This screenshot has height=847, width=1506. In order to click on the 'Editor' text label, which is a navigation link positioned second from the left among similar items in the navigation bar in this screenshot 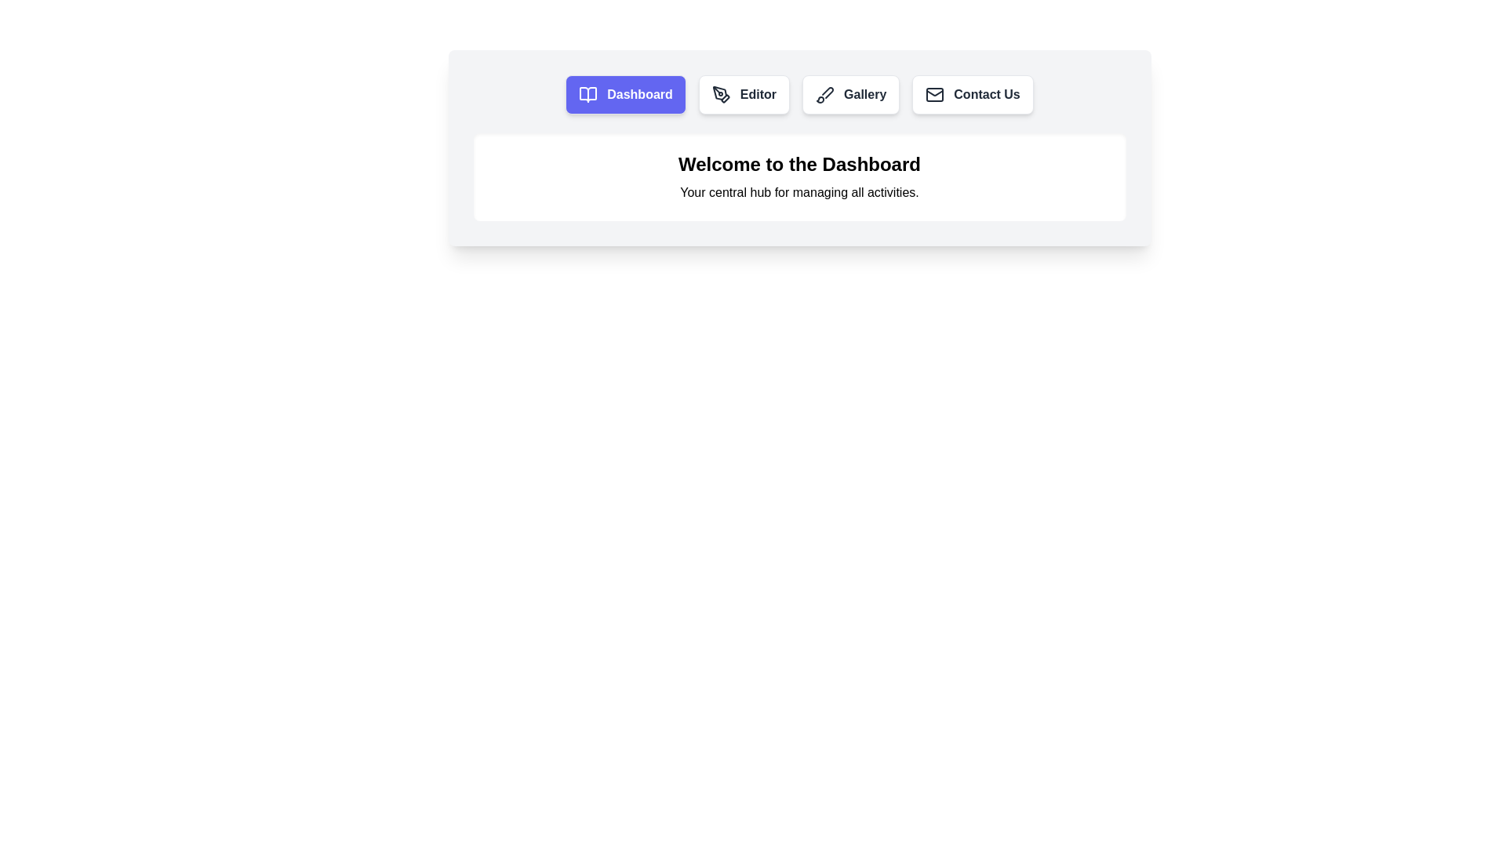, I will do `click(758, 94)`.